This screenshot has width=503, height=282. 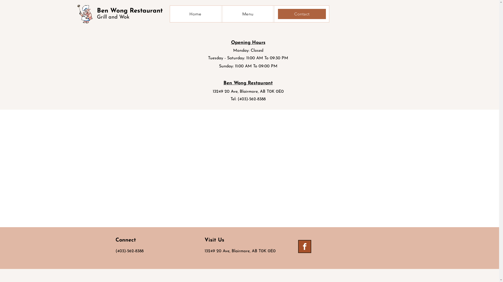 I want to click on 'Google Maps', so click(x=249, y=168).